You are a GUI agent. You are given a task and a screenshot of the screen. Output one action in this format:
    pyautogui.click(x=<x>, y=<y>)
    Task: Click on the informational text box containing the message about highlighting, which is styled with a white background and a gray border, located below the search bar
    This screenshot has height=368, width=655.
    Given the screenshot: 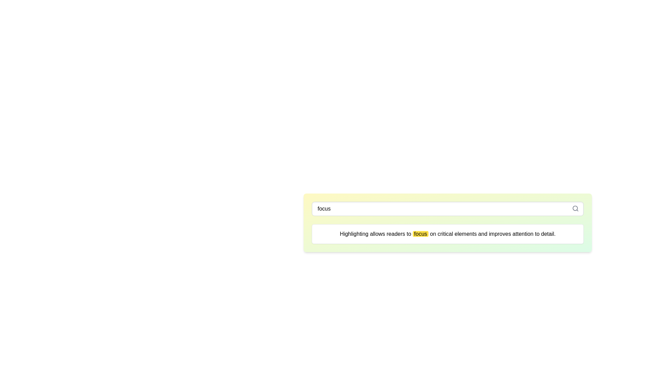 What is the action you would take?
    pyautogui.click(x=448, y=233)
    